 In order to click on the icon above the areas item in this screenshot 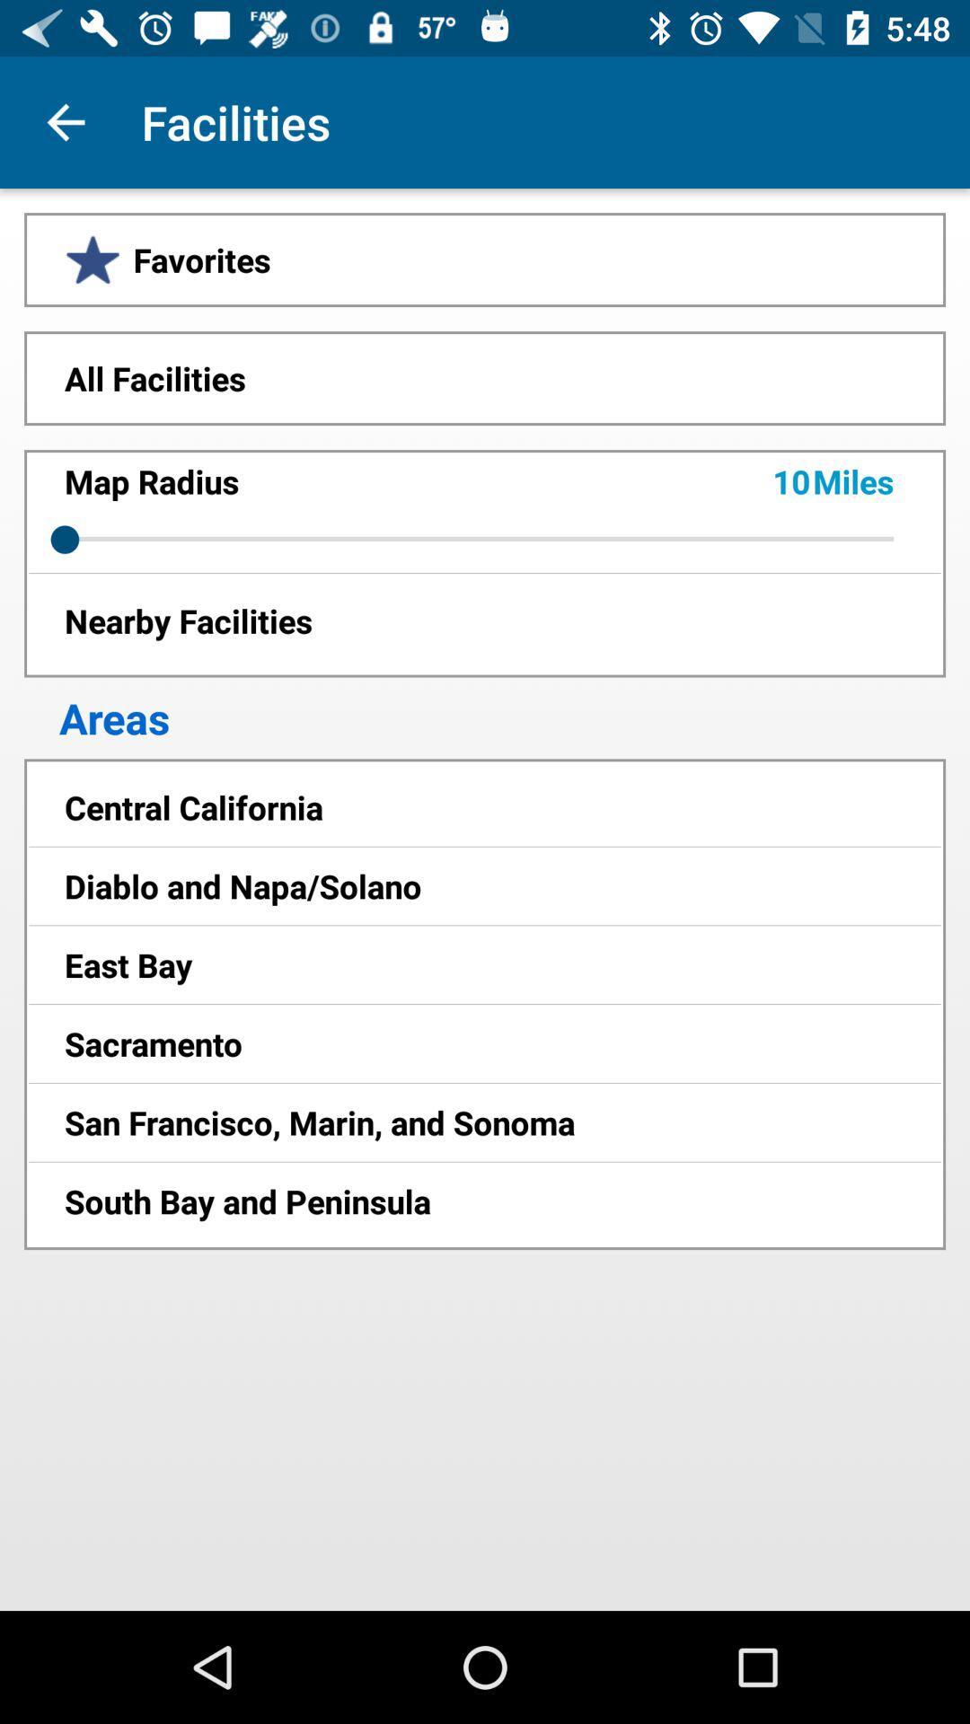, I will do `click(485, 620)`.